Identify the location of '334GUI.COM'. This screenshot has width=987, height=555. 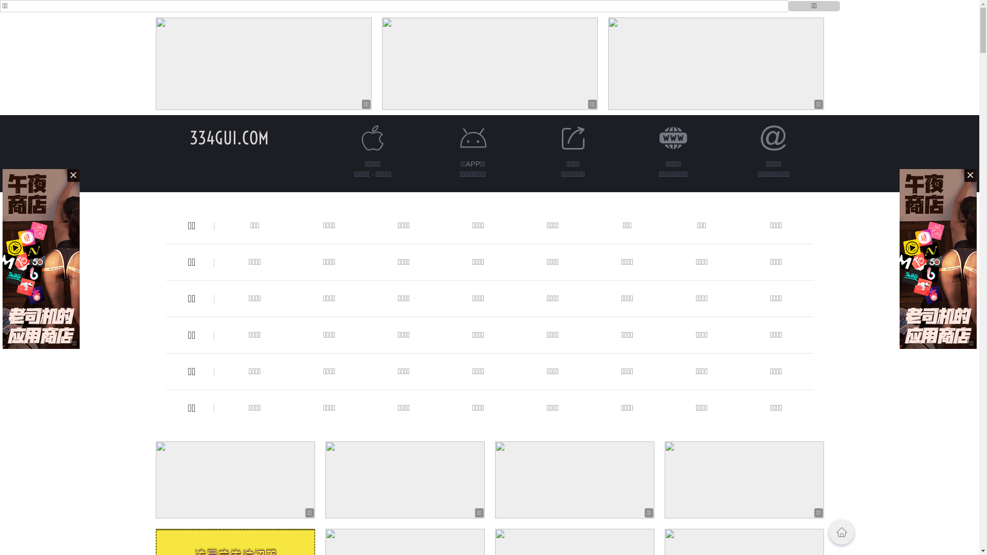
(228, 137).